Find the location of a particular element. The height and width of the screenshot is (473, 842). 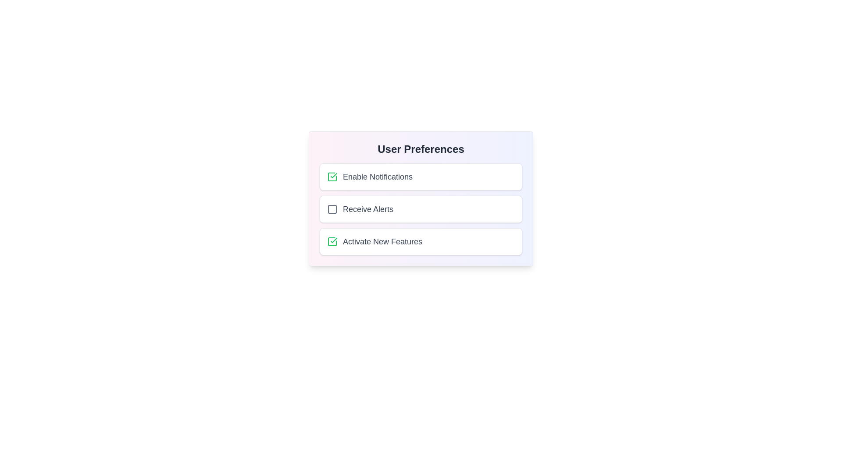

the 'Receive Alerts' checkbox option is located at coordinates (421, 209).